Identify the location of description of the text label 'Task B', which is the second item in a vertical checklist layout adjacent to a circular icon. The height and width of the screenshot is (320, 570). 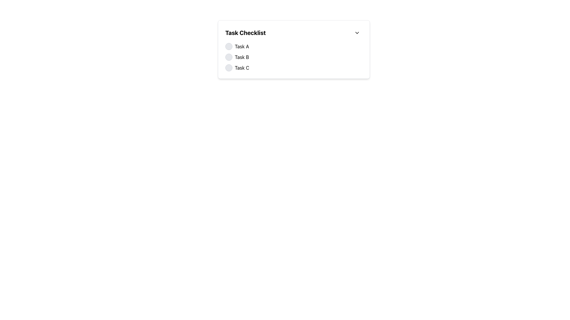
(242, 57).